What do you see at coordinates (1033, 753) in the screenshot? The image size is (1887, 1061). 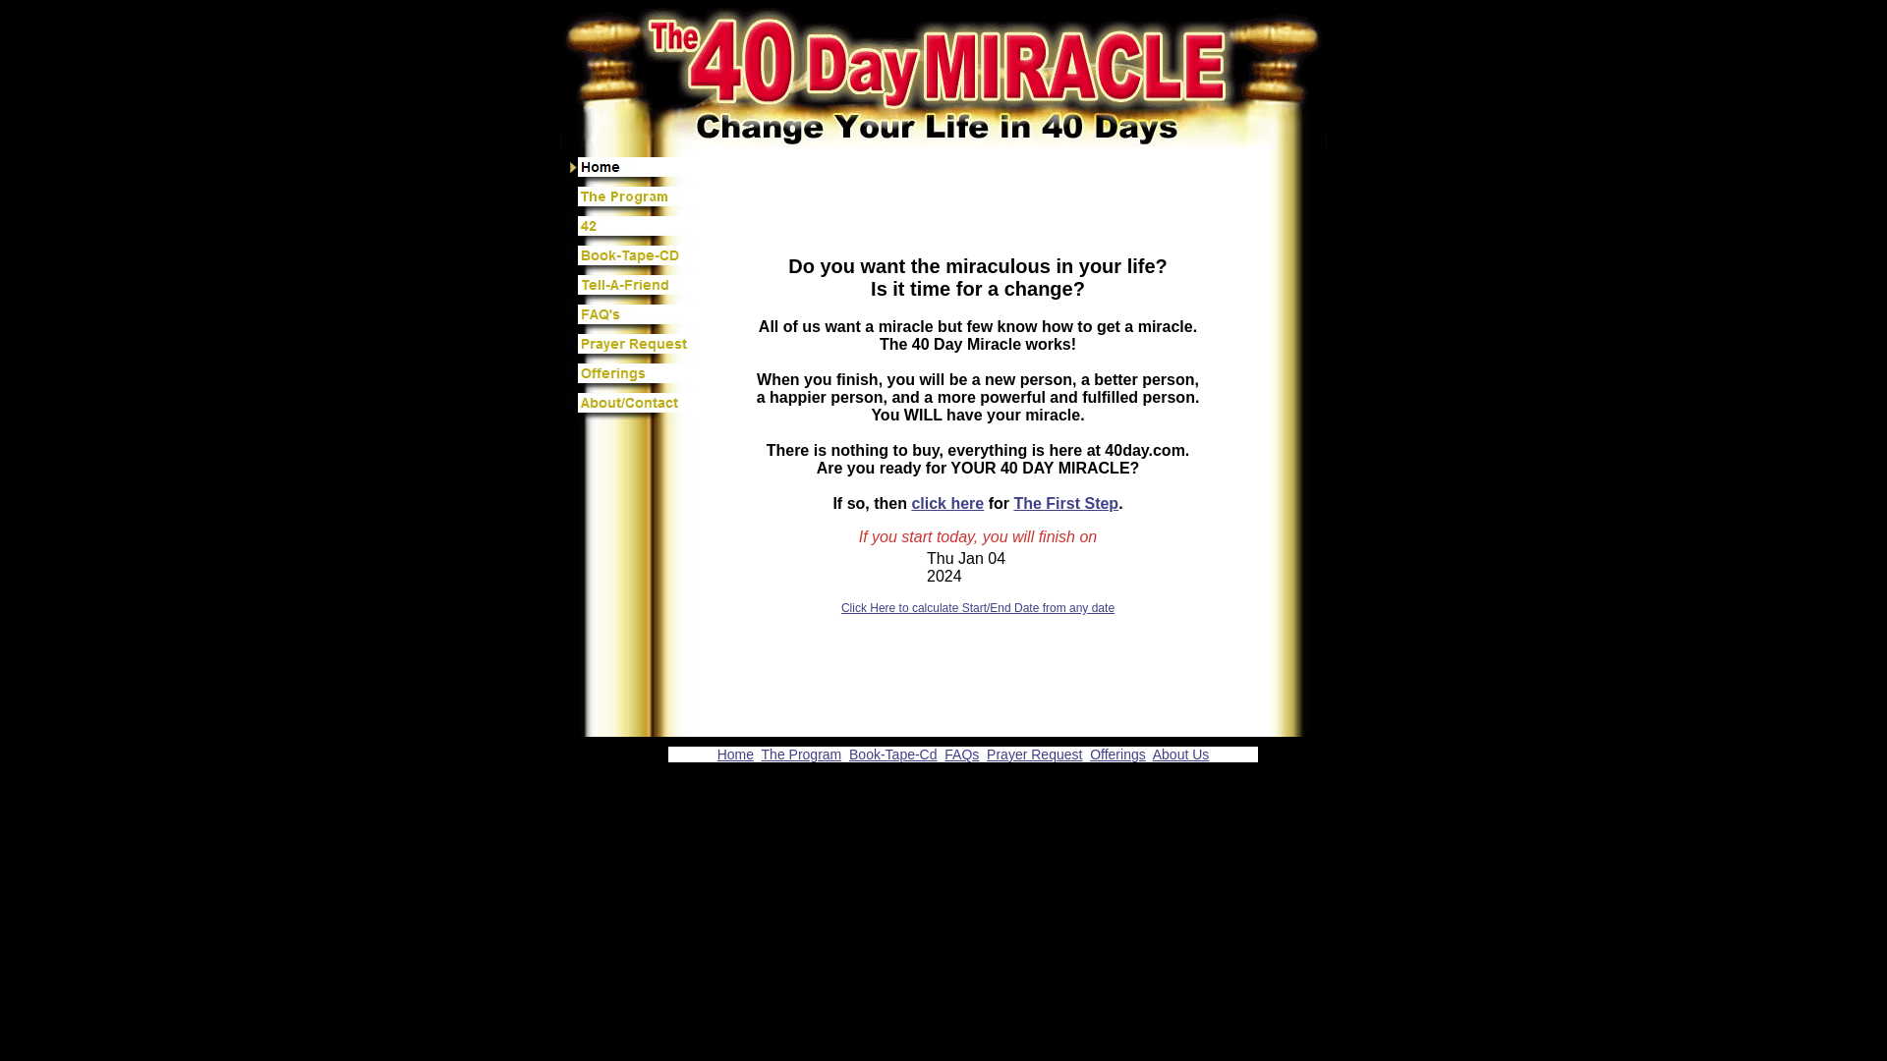 I see `'Prayer Request'` at bounding box center [1033, 753].